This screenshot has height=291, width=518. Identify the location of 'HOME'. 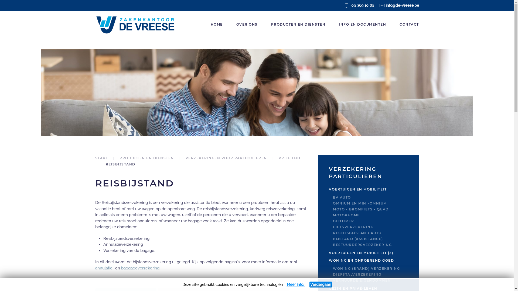
(217, 25).